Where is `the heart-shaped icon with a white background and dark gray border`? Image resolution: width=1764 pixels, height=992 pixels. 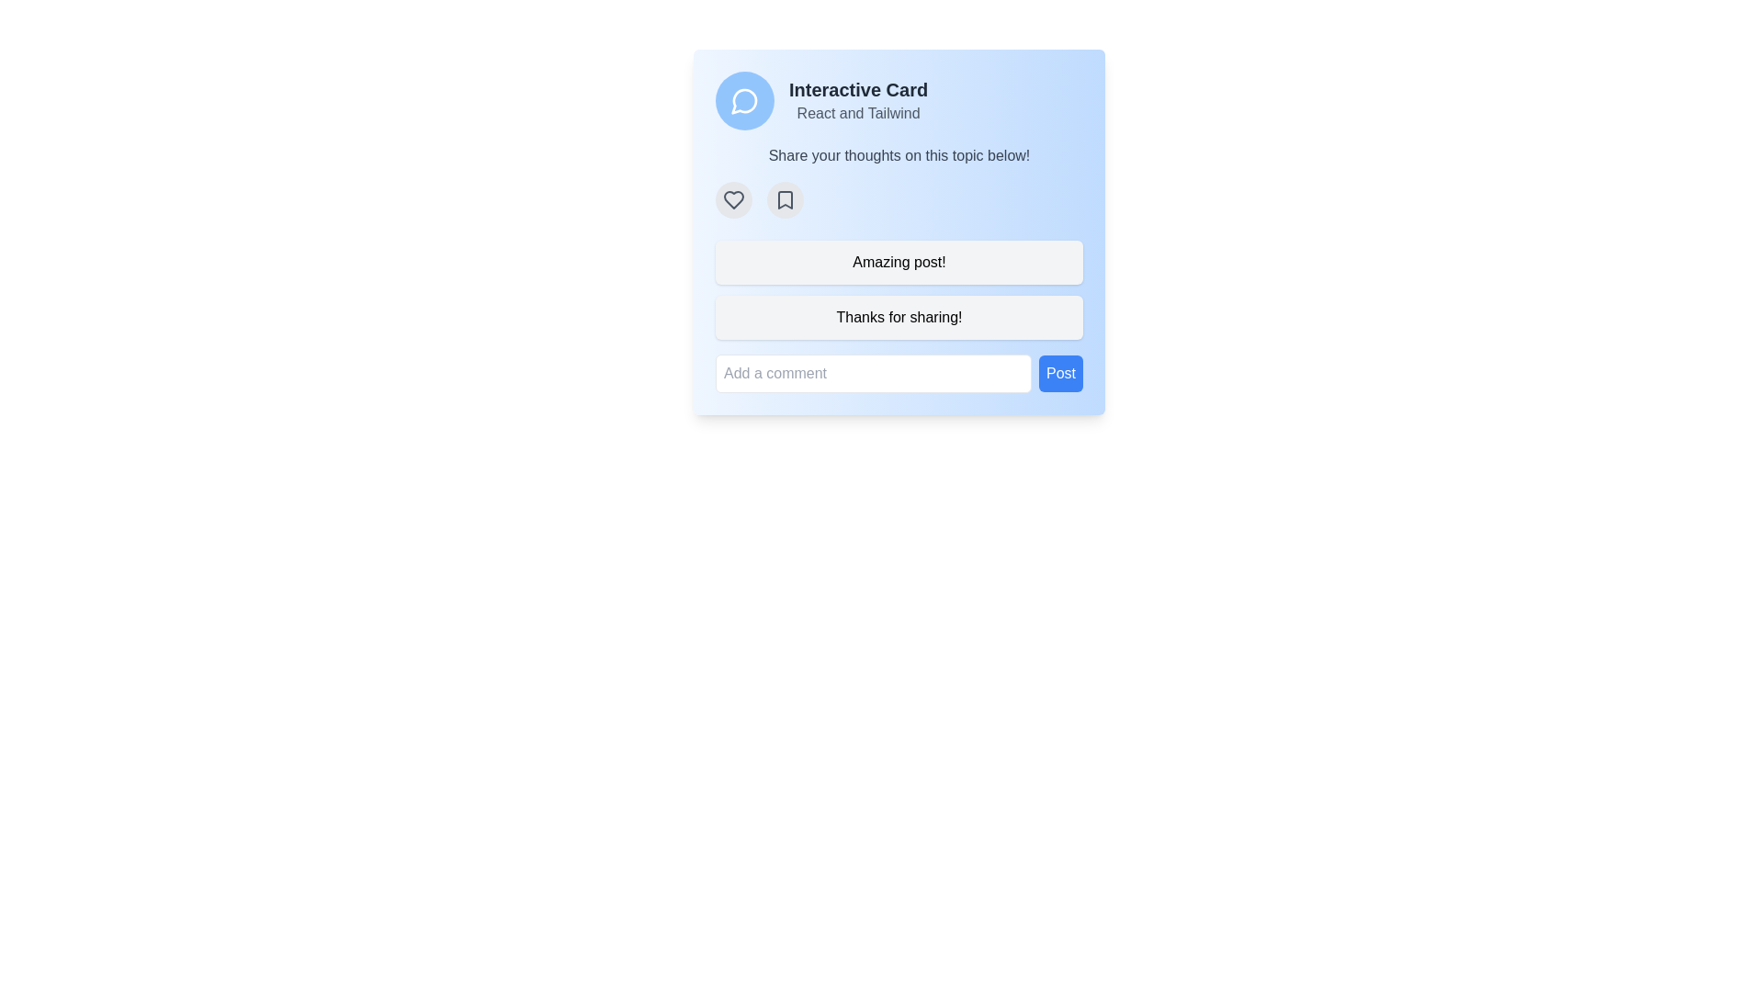 the heart-shaped icon with a white background and dark gray border is located at coordinates (732, 200).